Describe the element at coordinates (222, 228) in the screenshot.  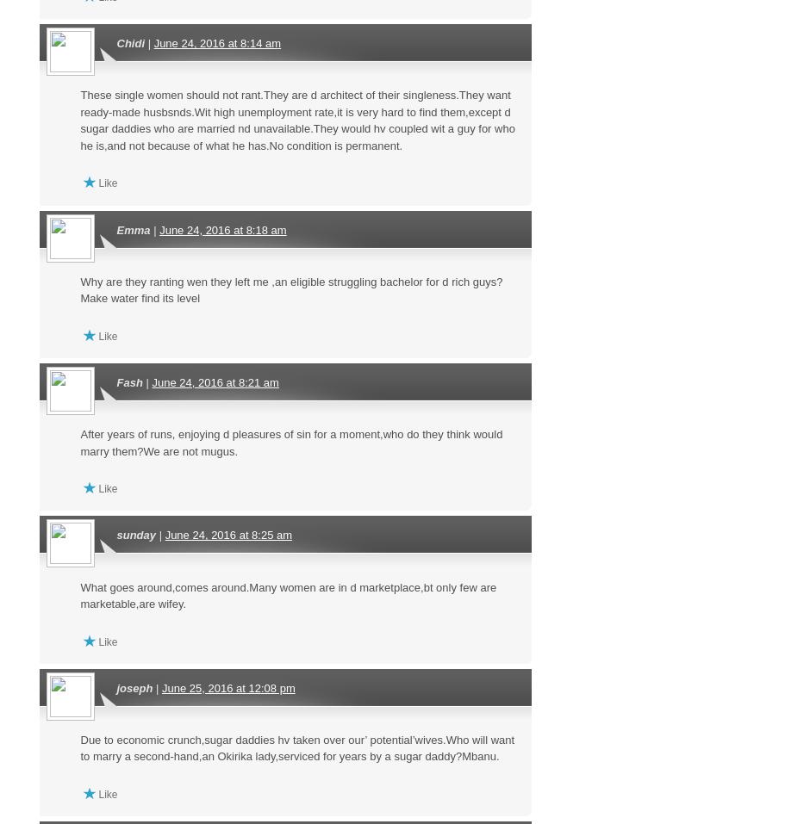
I see `'June 24, 2016 at 8:18 am'` at that location.